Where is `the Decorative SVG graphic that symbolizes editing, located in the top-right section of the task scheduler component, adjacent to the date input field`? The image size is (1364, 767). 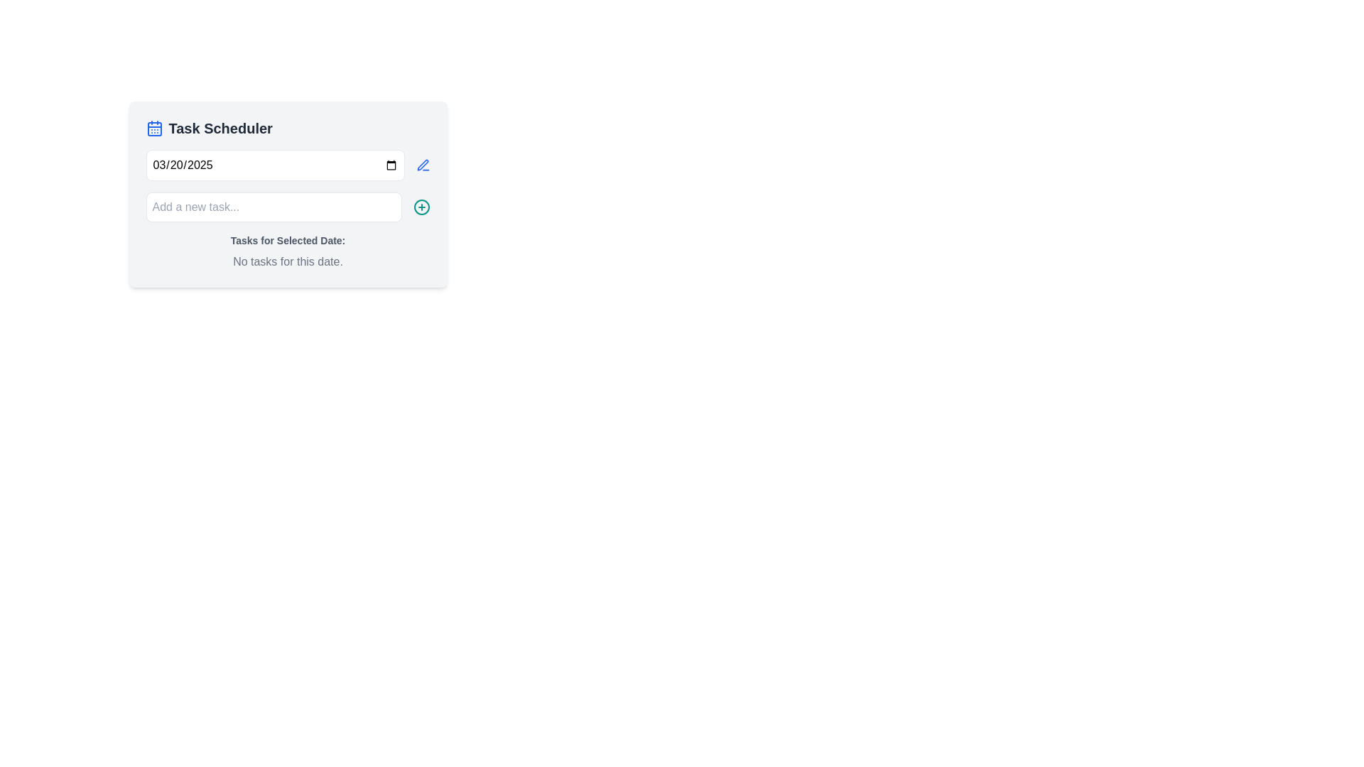 the Decorative SVG graphic that symbolizes editing, located in the top-right section of the task scheduler component, adjacent to the date input field is located at coordinates (422, 164).